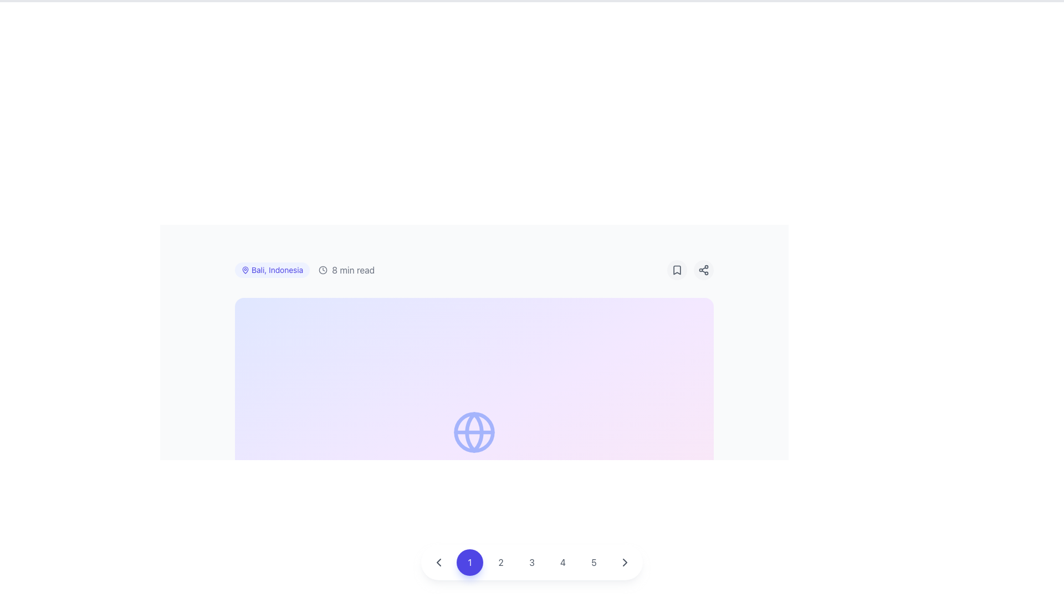 The height and width of the screenshot is (598, 1064). I want to click on text label displaying '8 min read' in light gray font, located to the right of a clock icon, so click(352, 270).